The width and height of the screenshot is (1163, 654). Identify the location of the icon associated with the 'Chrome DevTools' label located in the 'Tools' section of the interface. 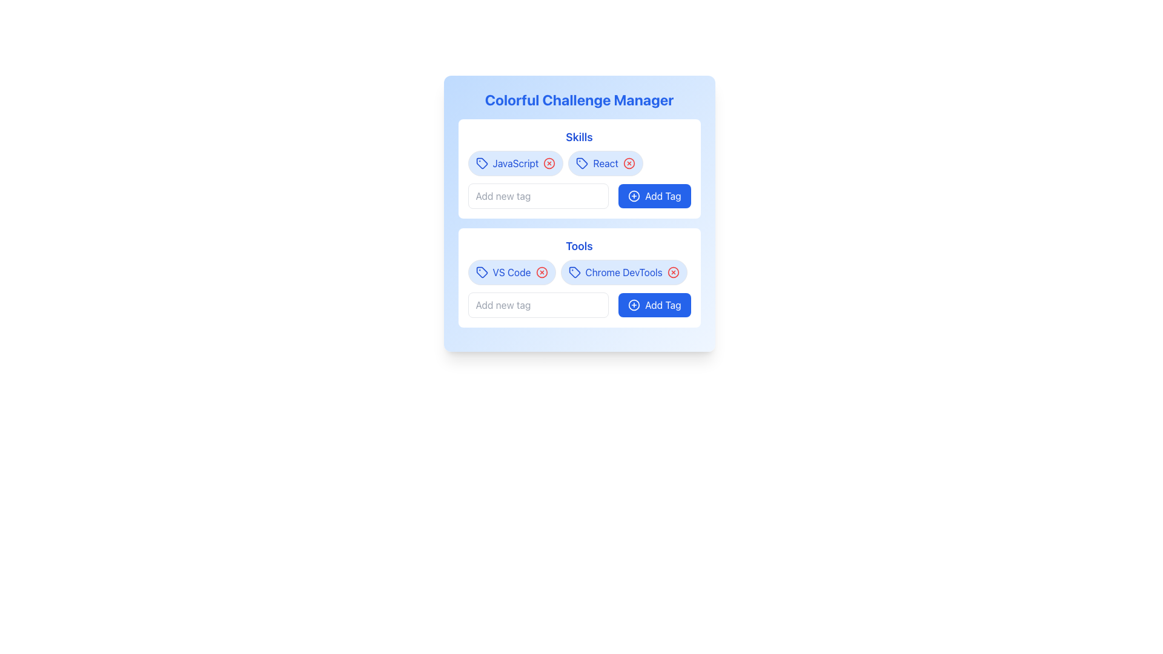
(574, 272).